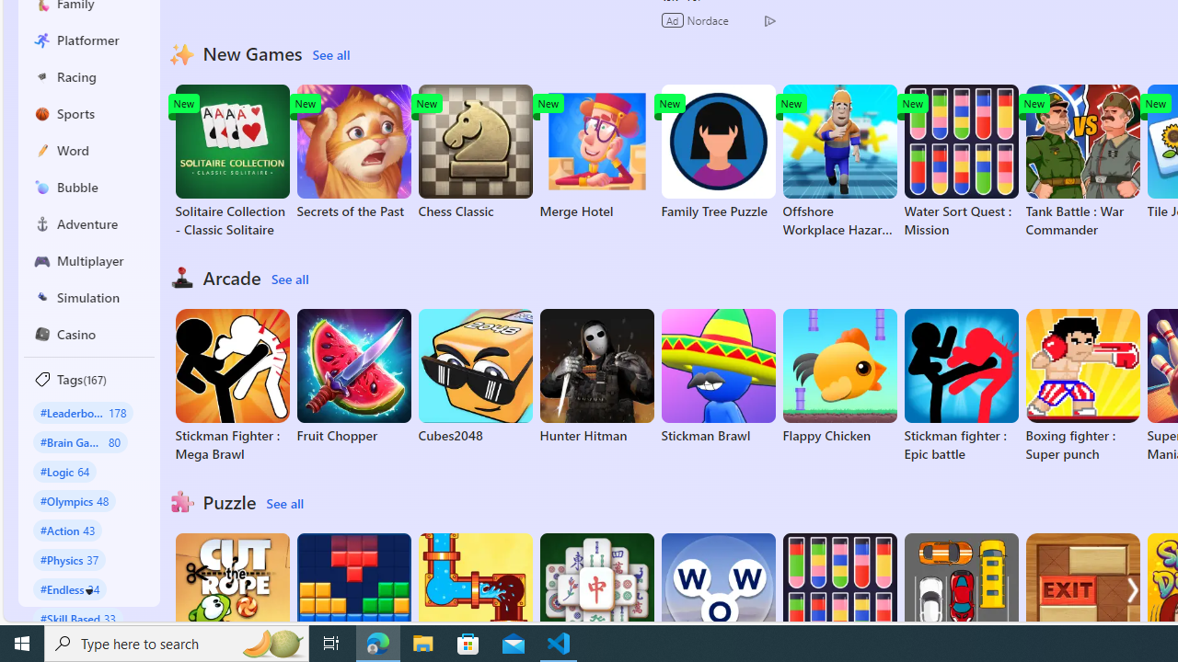 This screenshot has width=1178, height=662. Describe the element at coordinates (960, 161) in the screenshot. I see `'Water Sort Quest : Mission'` at that location.